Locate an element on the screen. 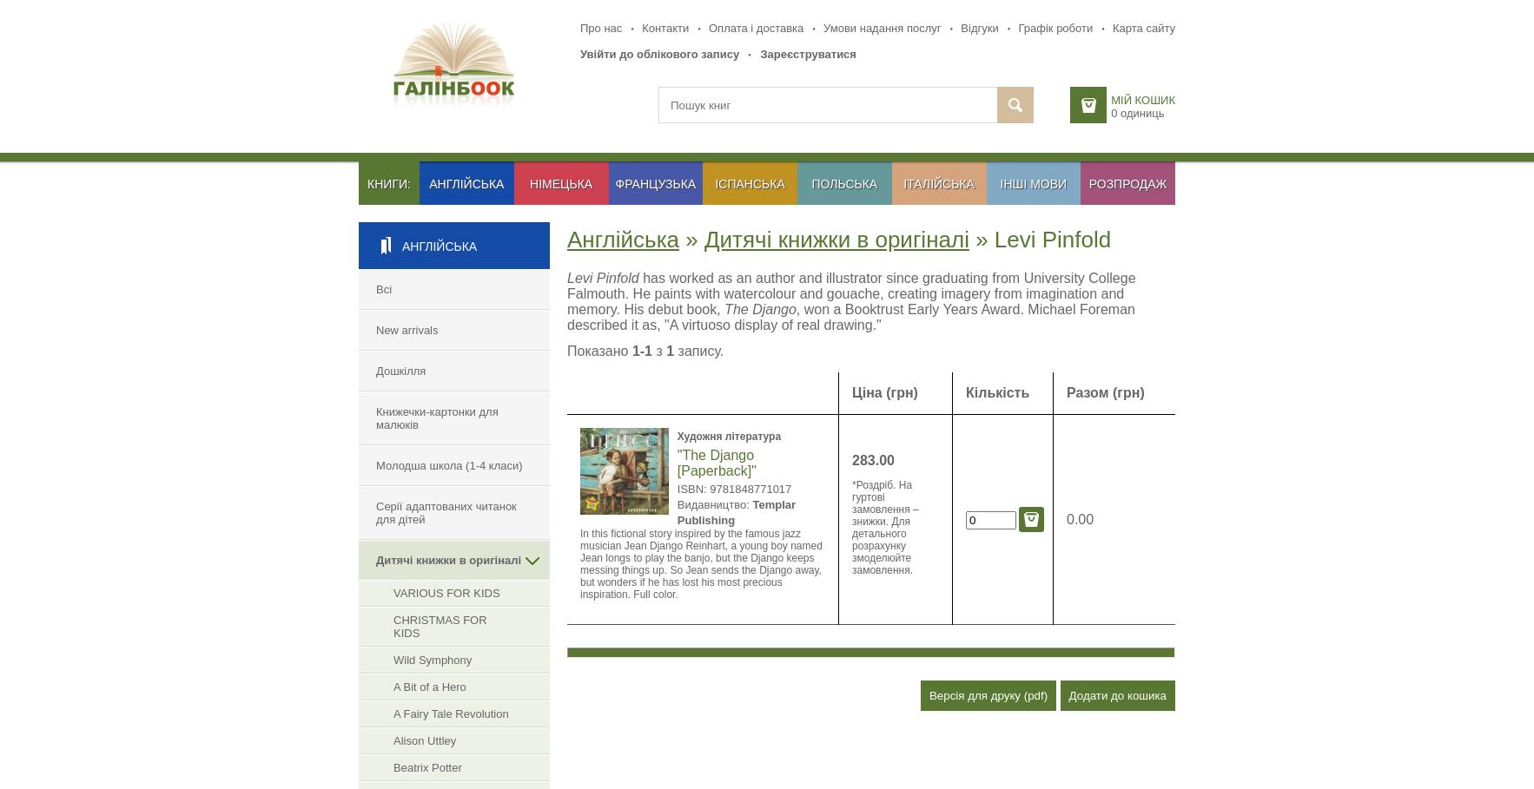 This screenshot has width=1534, height=789. 'Молодша школа (1-4 класи)' is located at coordinates (449, 465).